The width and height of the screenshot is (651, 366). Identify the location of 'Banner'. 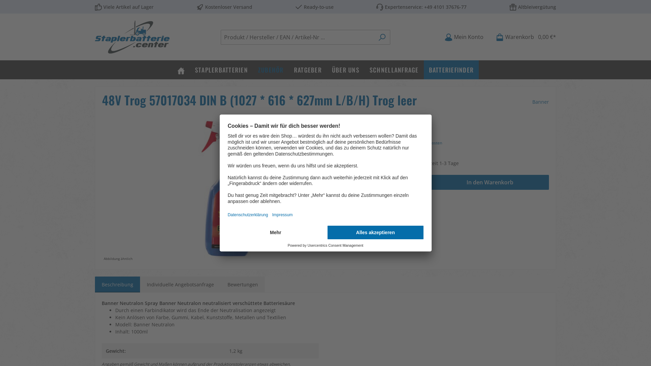
(540, 101).